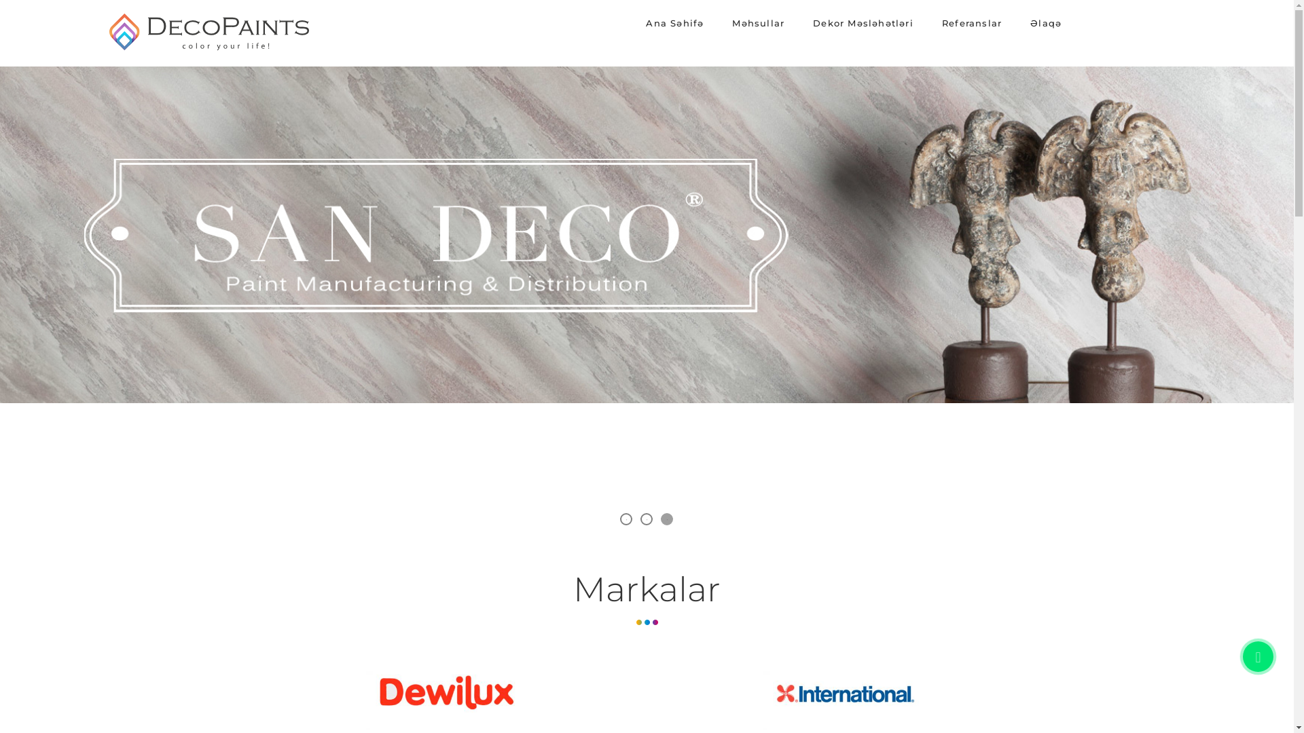 The height and width of the screenshot is (733, 1304). Describe the element at coordinates (666, 519) in the screenshot. I see `'3'` at that location.